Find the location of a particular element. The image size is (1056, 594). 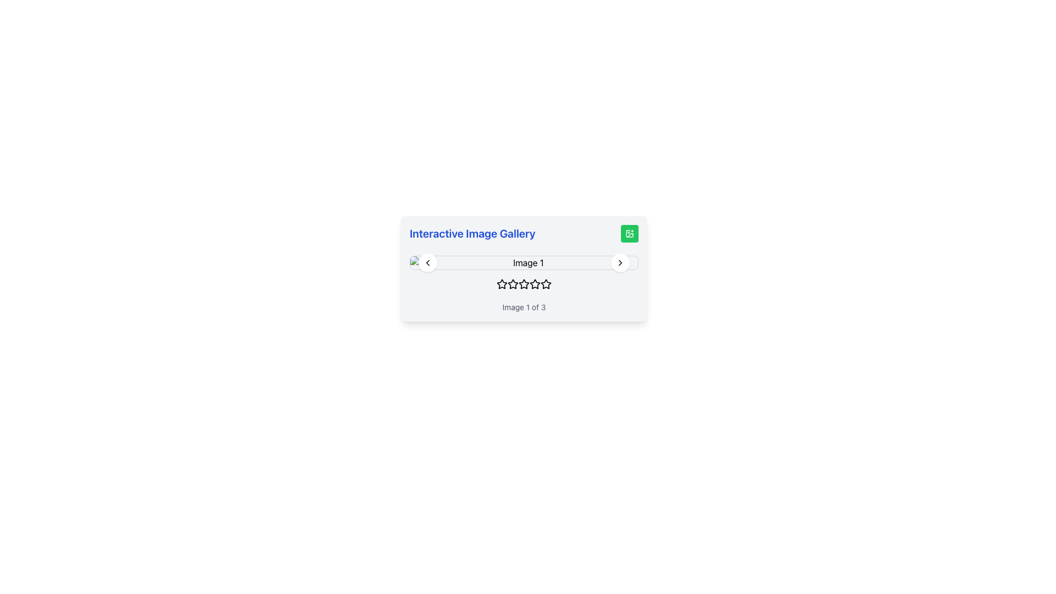

the forward navigation button icon in the Interactive Image Gallery is located at coordinates (620, 263).